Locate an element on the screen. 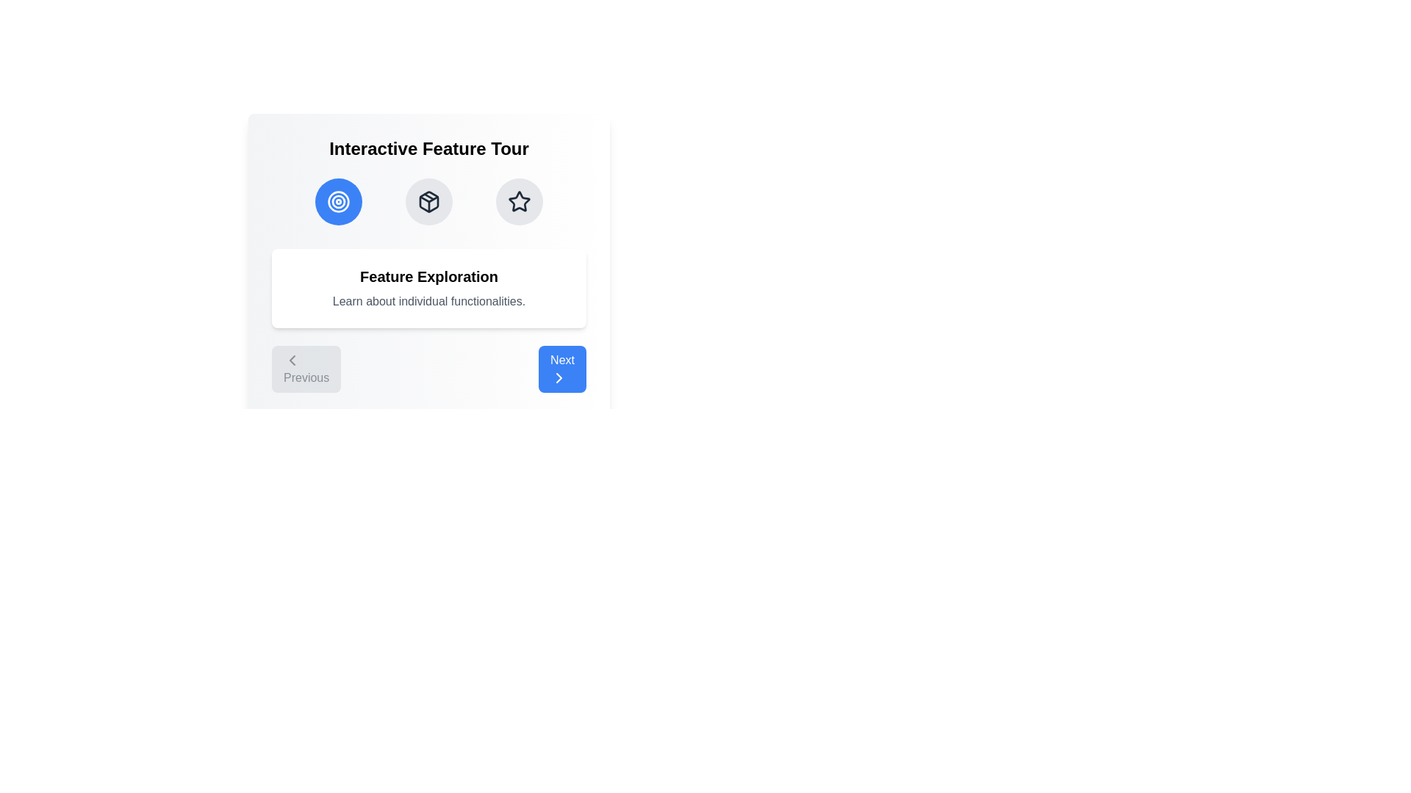 The width and height of the screenshot is (1411, 793). the circular target icon with concentric circles styled in blue and white is located at coordinates (337, 201).